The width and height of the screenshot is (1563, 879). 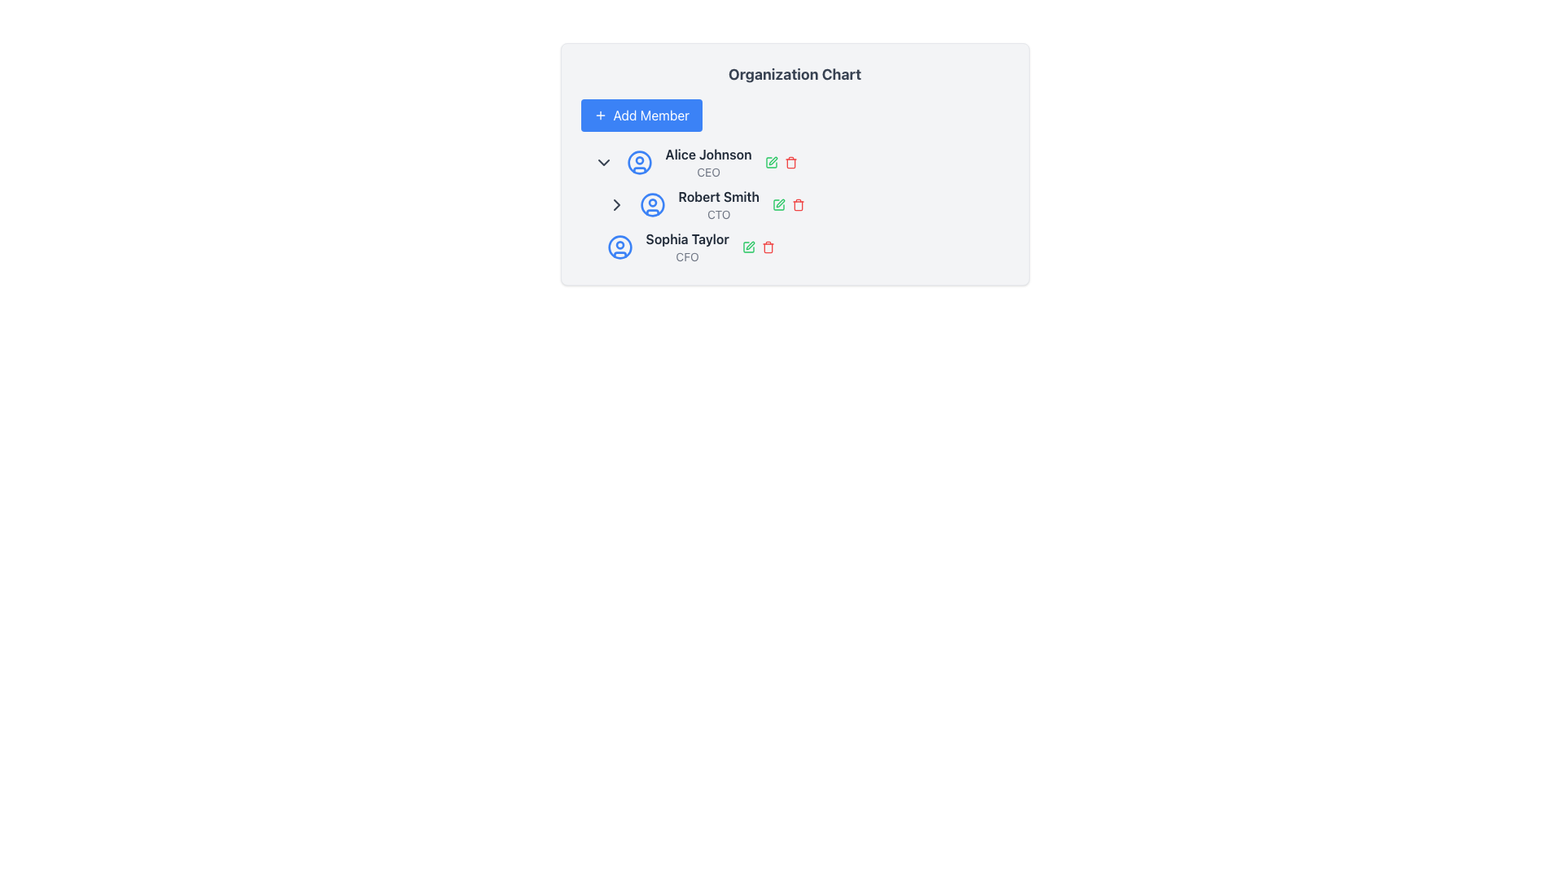 What do you see at coordinates (778, 203) in the screenshot?
I see `the green pen icon next to the name 'Robert Smith'` at bounding box center [778, 203].